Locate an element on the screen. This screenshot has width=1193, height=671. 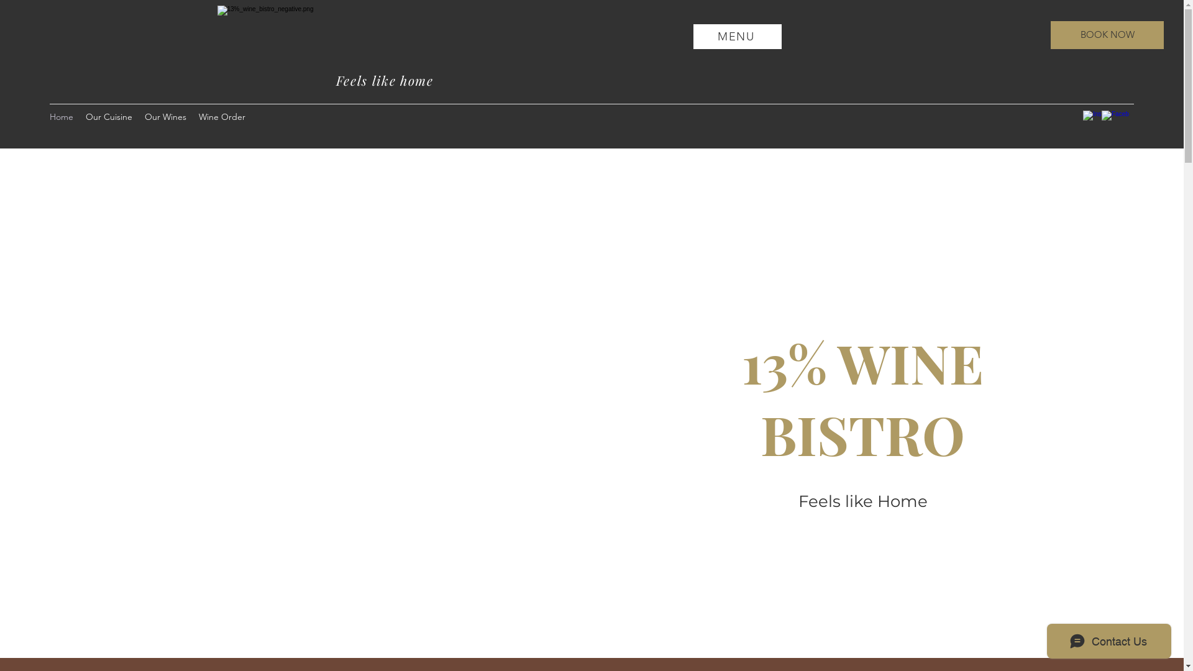
'Our Wines' is located at coordinates (165, 117).